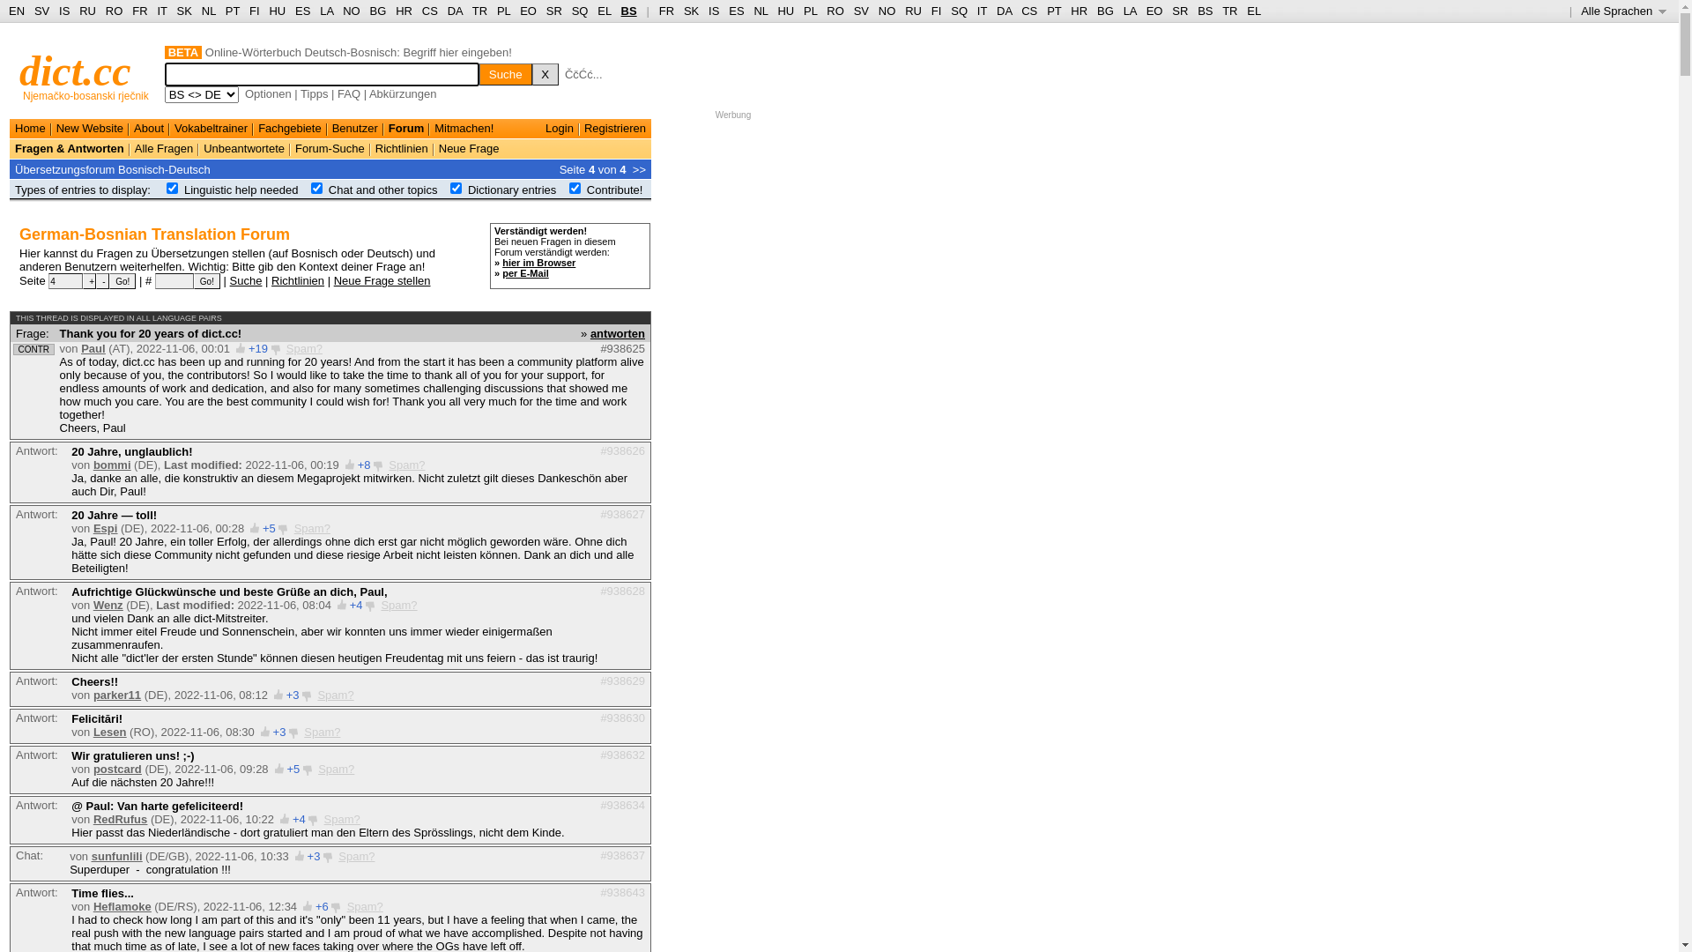 The height and width of the screenshot is (952, 1692). I want to click on 'antworten', so click(617, 332).